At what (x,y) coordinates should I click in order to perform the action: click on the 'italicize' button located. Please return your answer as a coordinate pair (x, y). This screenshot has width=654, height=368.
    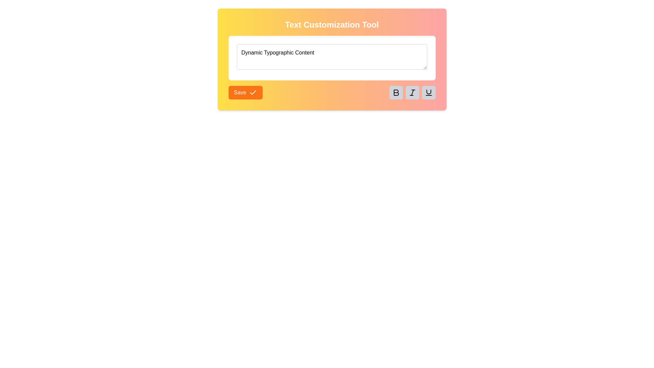
    Looking at the image, I should click on (412, 93).